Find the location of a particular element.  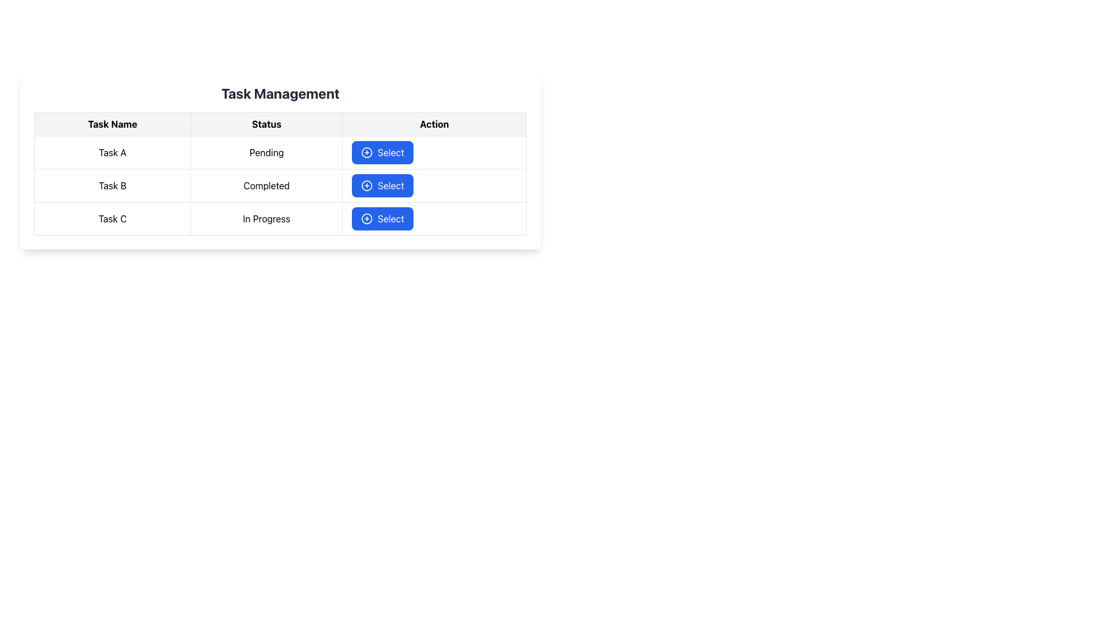

details of the first task in the Task Management table, specifically focusing on 'Task A' with status 'Pending' and the associated 'Select' button is located at coordinates (280, 159).